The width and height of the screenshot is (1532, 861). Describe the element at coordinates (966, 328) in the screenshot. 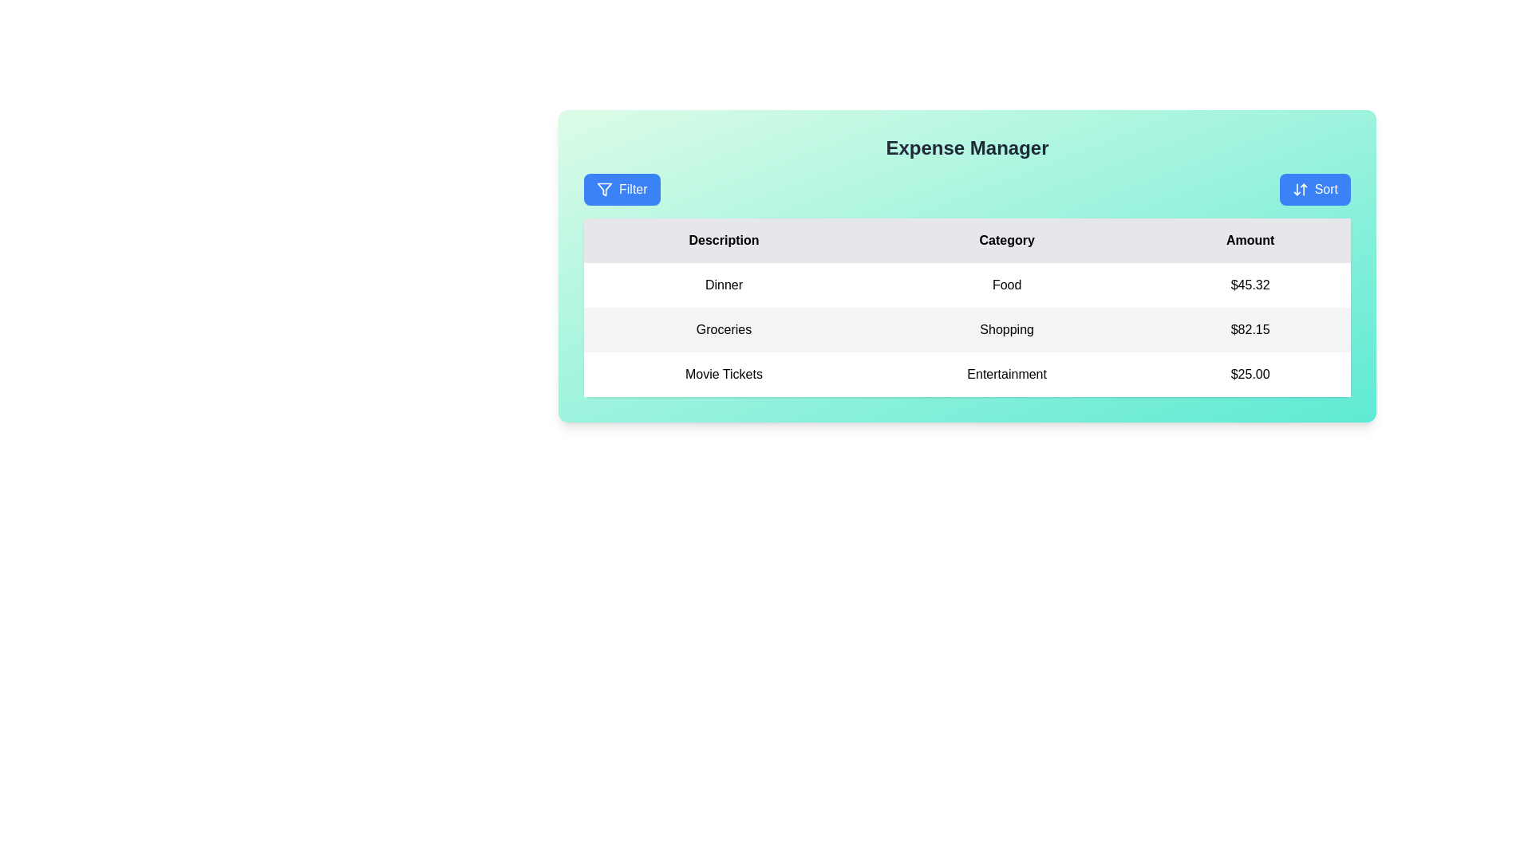

I see `values displayed in the second row of a table, which includes 'Groceries', 'Shopping', and '$82.15', distinguished by a light gray background` at that location.